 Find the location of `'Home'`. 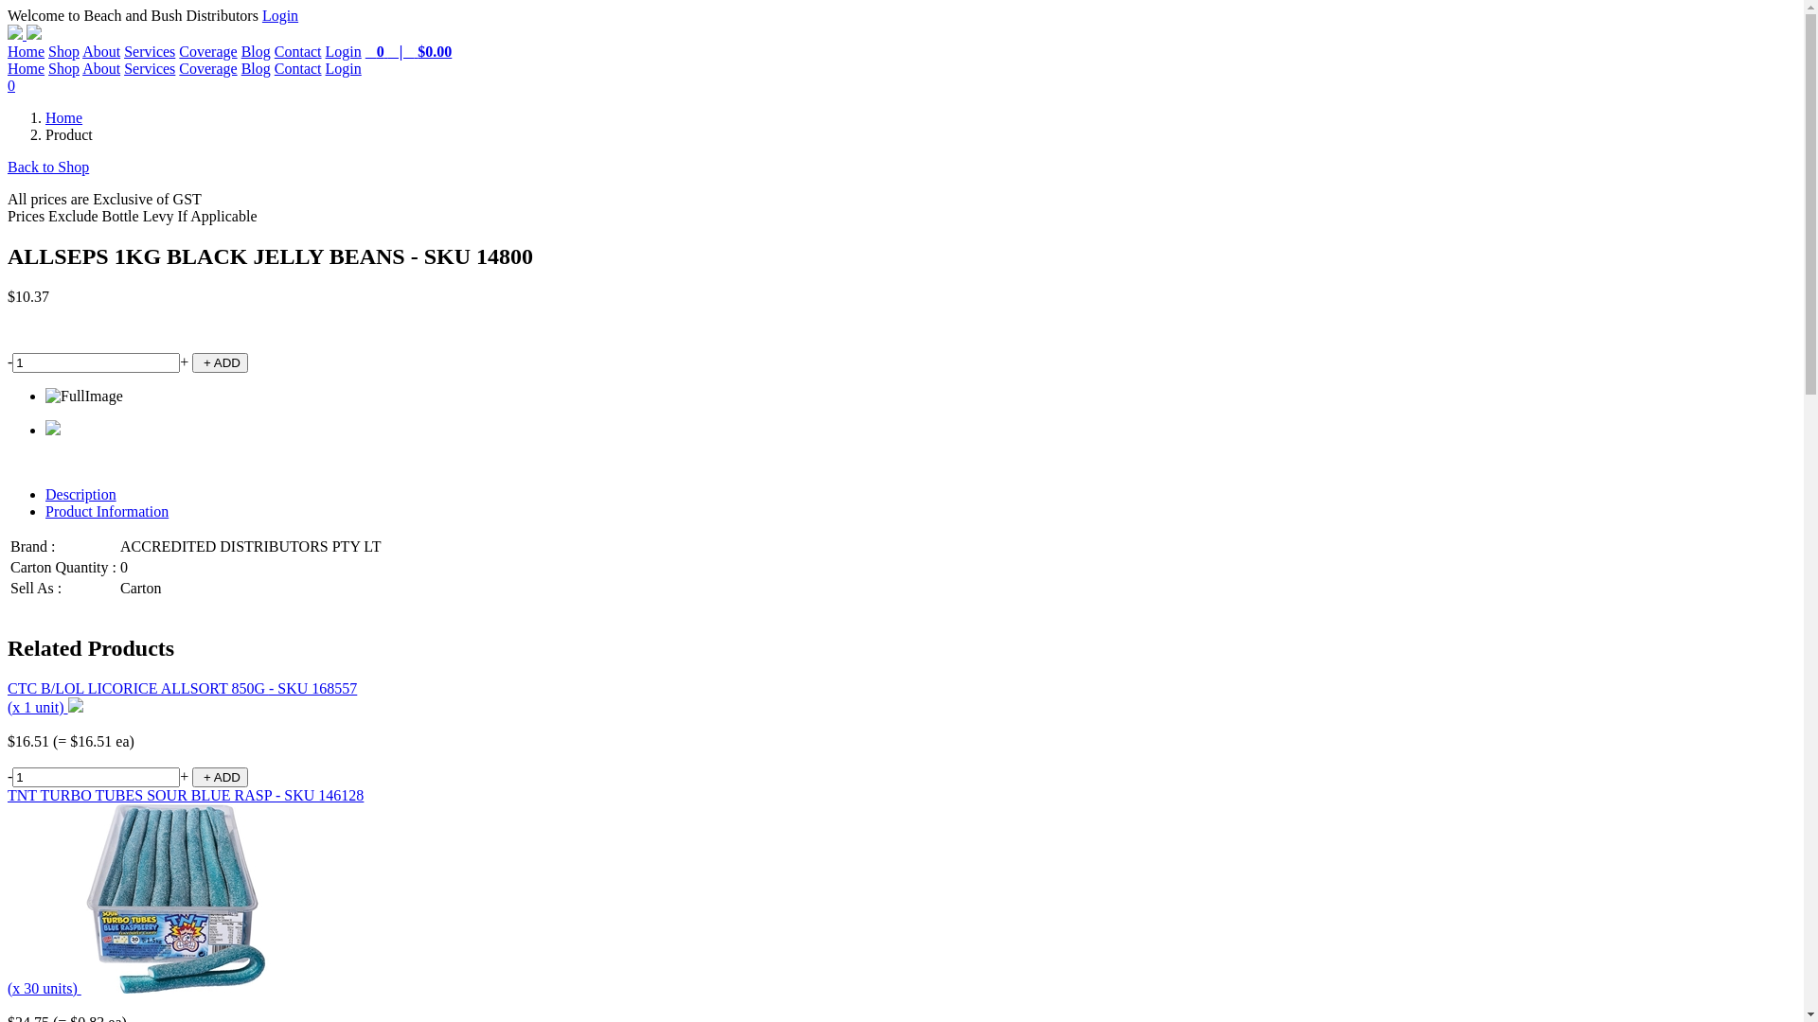

'Home' is located at coordinates (26, 67).